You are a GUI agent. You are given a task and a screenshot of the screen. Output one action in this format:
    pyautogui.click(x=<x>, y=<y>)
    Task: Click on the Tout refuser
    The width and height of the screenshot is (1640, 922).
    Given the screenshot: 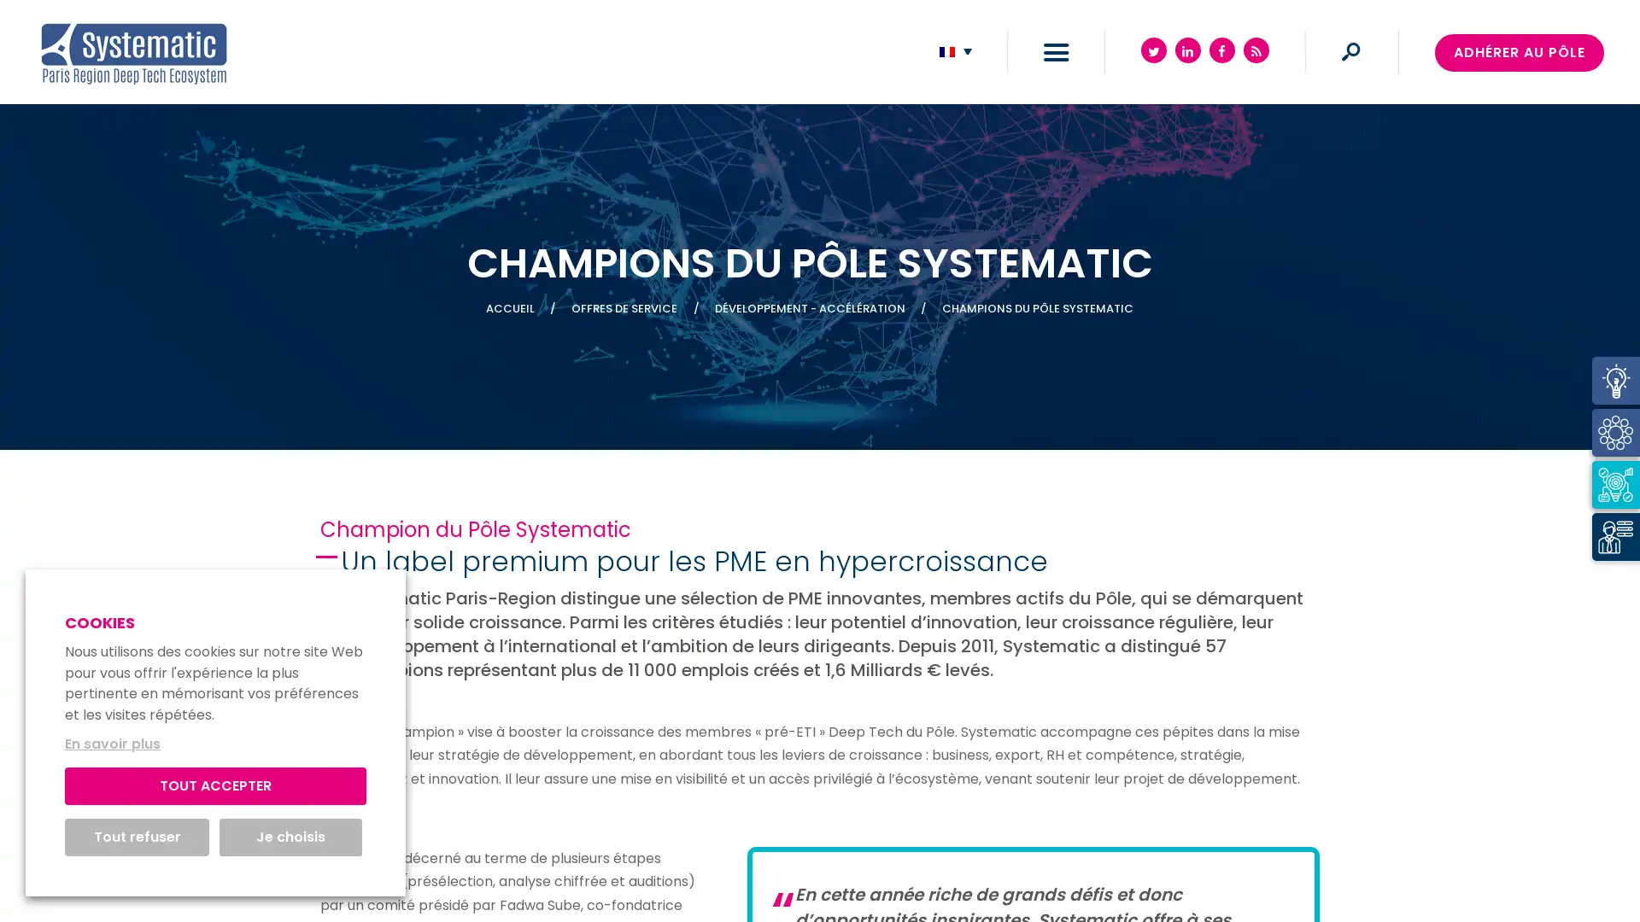 What is the action you would take?
    pyautogui.click(x=137, y=836)
    